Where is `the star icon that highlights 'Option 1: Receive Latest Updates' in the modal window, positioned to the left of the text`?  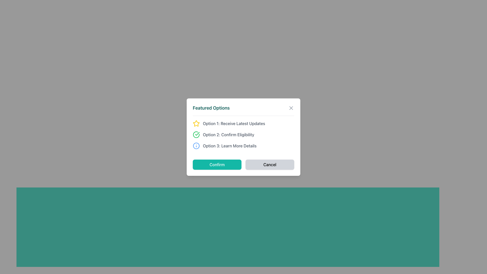 the star icon that highlights 'Option 1: Receive Latest Updates' in the modal window, positioned to the left of the text is located at coordinates (196, 123).